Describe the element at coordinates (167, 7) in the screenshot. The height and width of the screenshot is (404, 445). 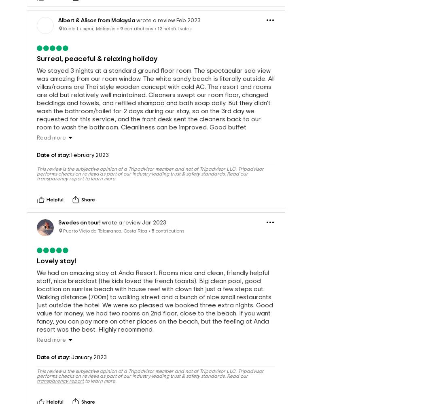
I see `'wrote a review Feb 2023'` at that location.